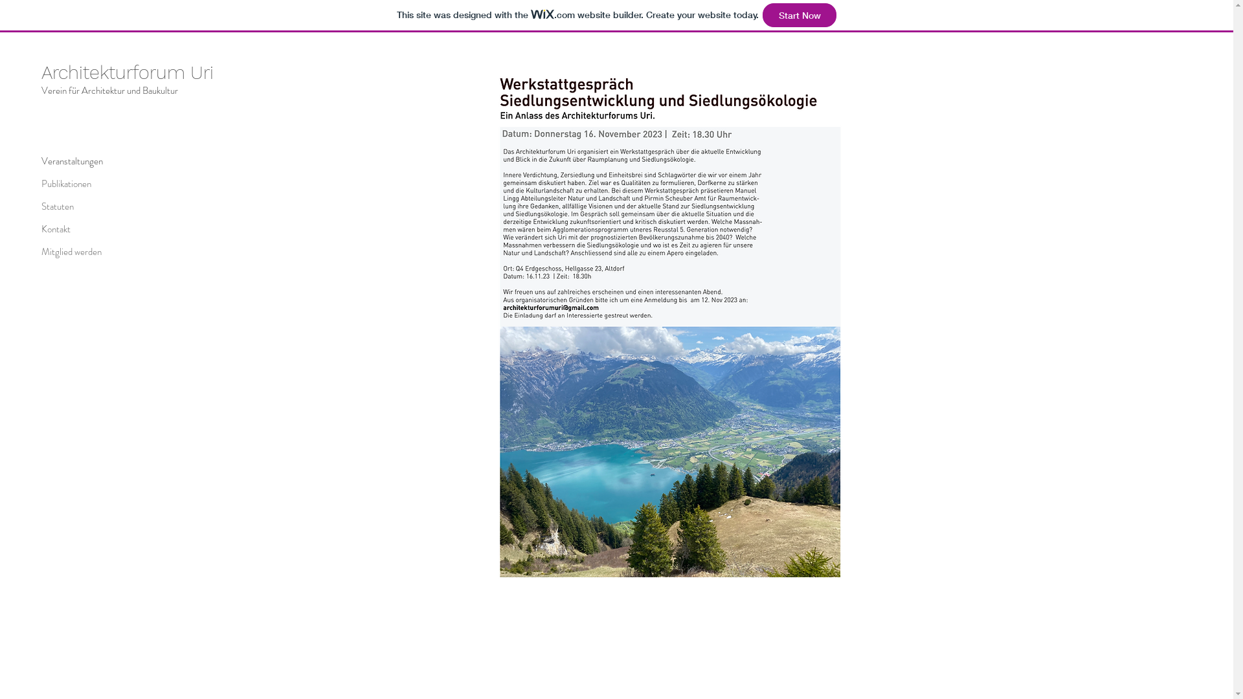 This screenshot has width=1243, height=699. I want to click on 'Mitglied werden', so click(86, 252).